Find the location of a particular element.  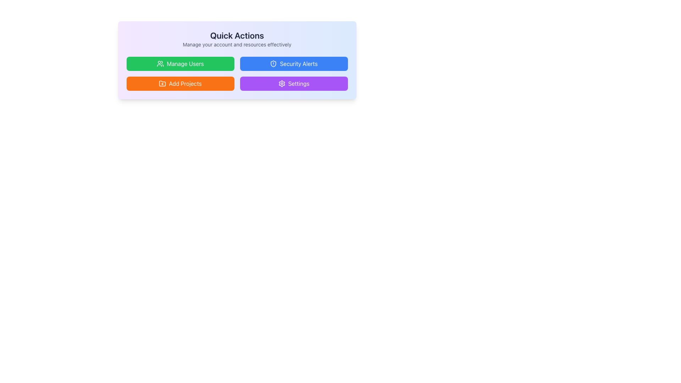

the textual heading element titled 'Quick Actions' is located at coordinates (237, 39).